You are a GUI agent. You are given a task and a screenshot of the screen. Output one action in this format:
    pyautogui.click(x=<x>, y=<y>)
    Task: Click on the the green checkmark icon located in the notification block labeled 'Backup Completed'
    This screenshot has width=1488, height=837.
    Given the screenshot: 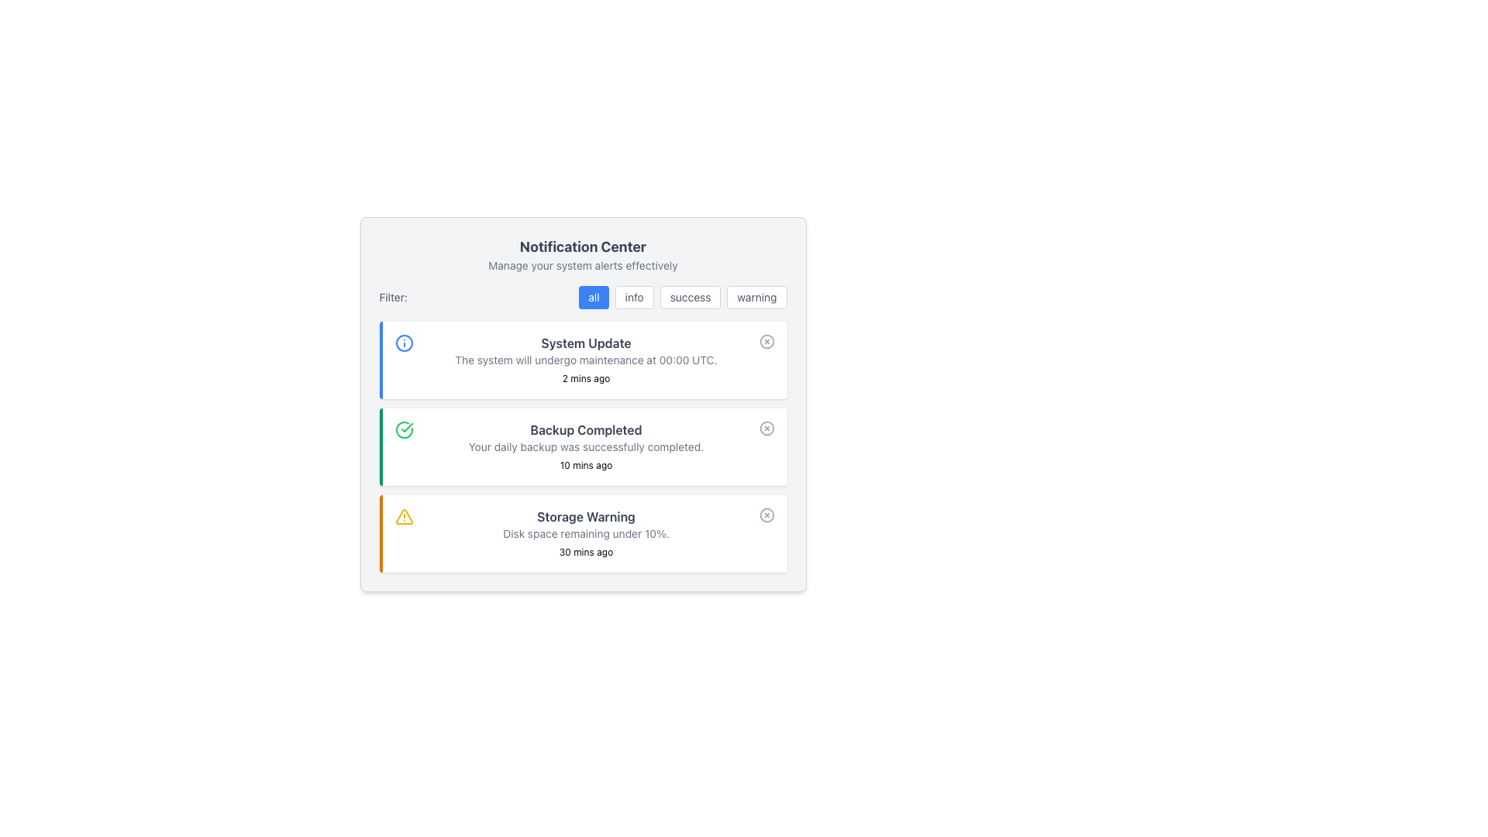 What is the action you would take?
    pyautogui.click(x=406, y=427)
    